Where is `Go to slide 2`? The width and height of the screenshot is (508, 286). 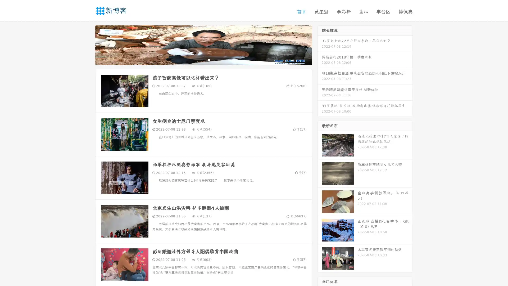
Go to slide 2 is located at coordinates (203, 60).